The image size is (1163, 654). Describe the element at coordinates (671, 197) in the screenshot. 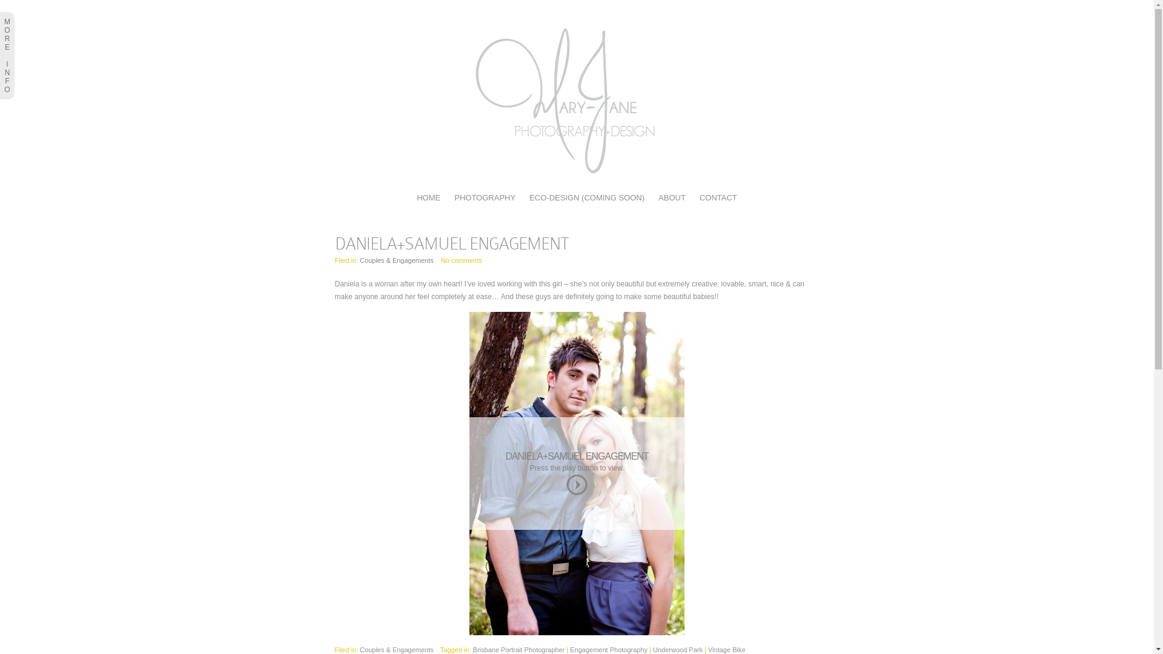

I see `'ABOUT'` at that location.